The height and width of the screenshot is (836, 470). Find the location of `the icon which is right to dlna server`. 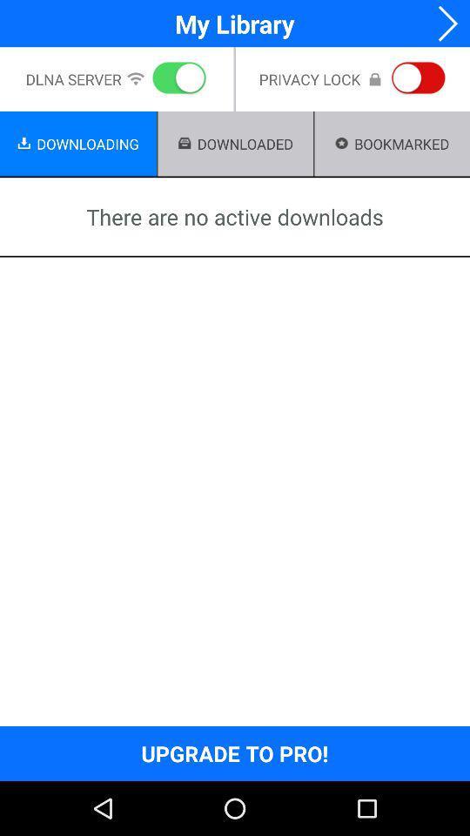

the icon which is right to dlna server is located at coordinates (135, 79).